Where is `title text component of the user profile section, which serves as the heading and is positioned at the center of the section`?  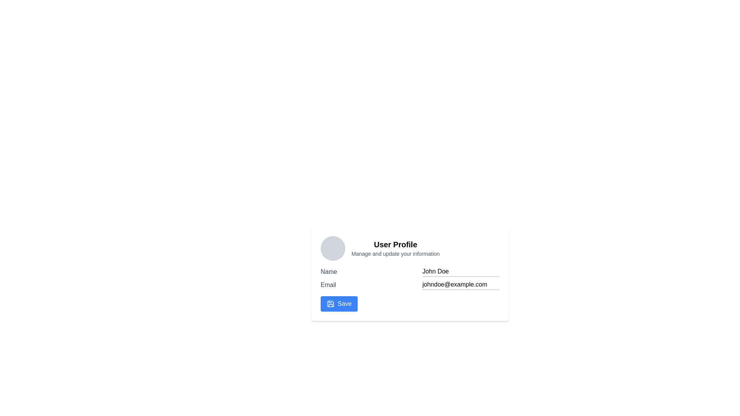 title text component of the user profile section, which serves as the heading and is positioned at the center of the section is located at coordinates (395, 245).